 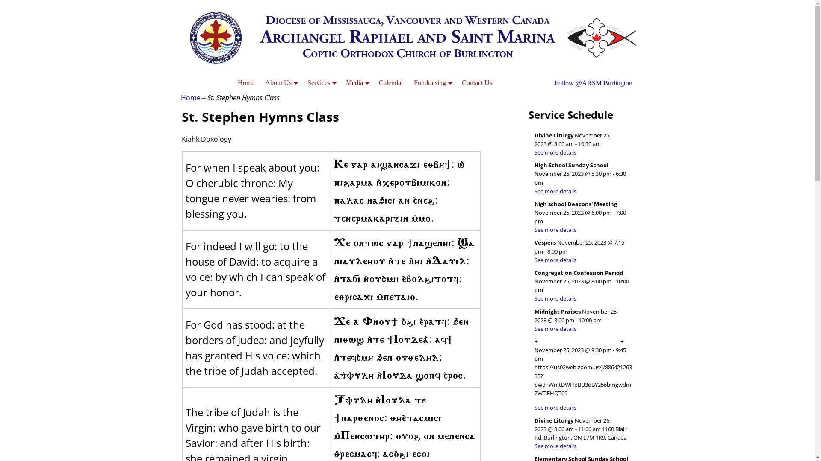 What do you see at coordinates (281, 83) in the screenshot?
I see `'About Us'` at bounding box center [281, 83].